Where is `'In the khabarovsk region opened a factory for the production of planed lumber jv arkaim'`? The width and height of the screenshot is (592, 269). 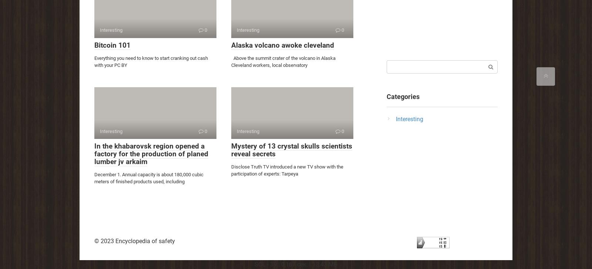 'In the khabarovsk region opened a factory for the production of planed lumber jv arkaim' is located at coordinates (151, 154).